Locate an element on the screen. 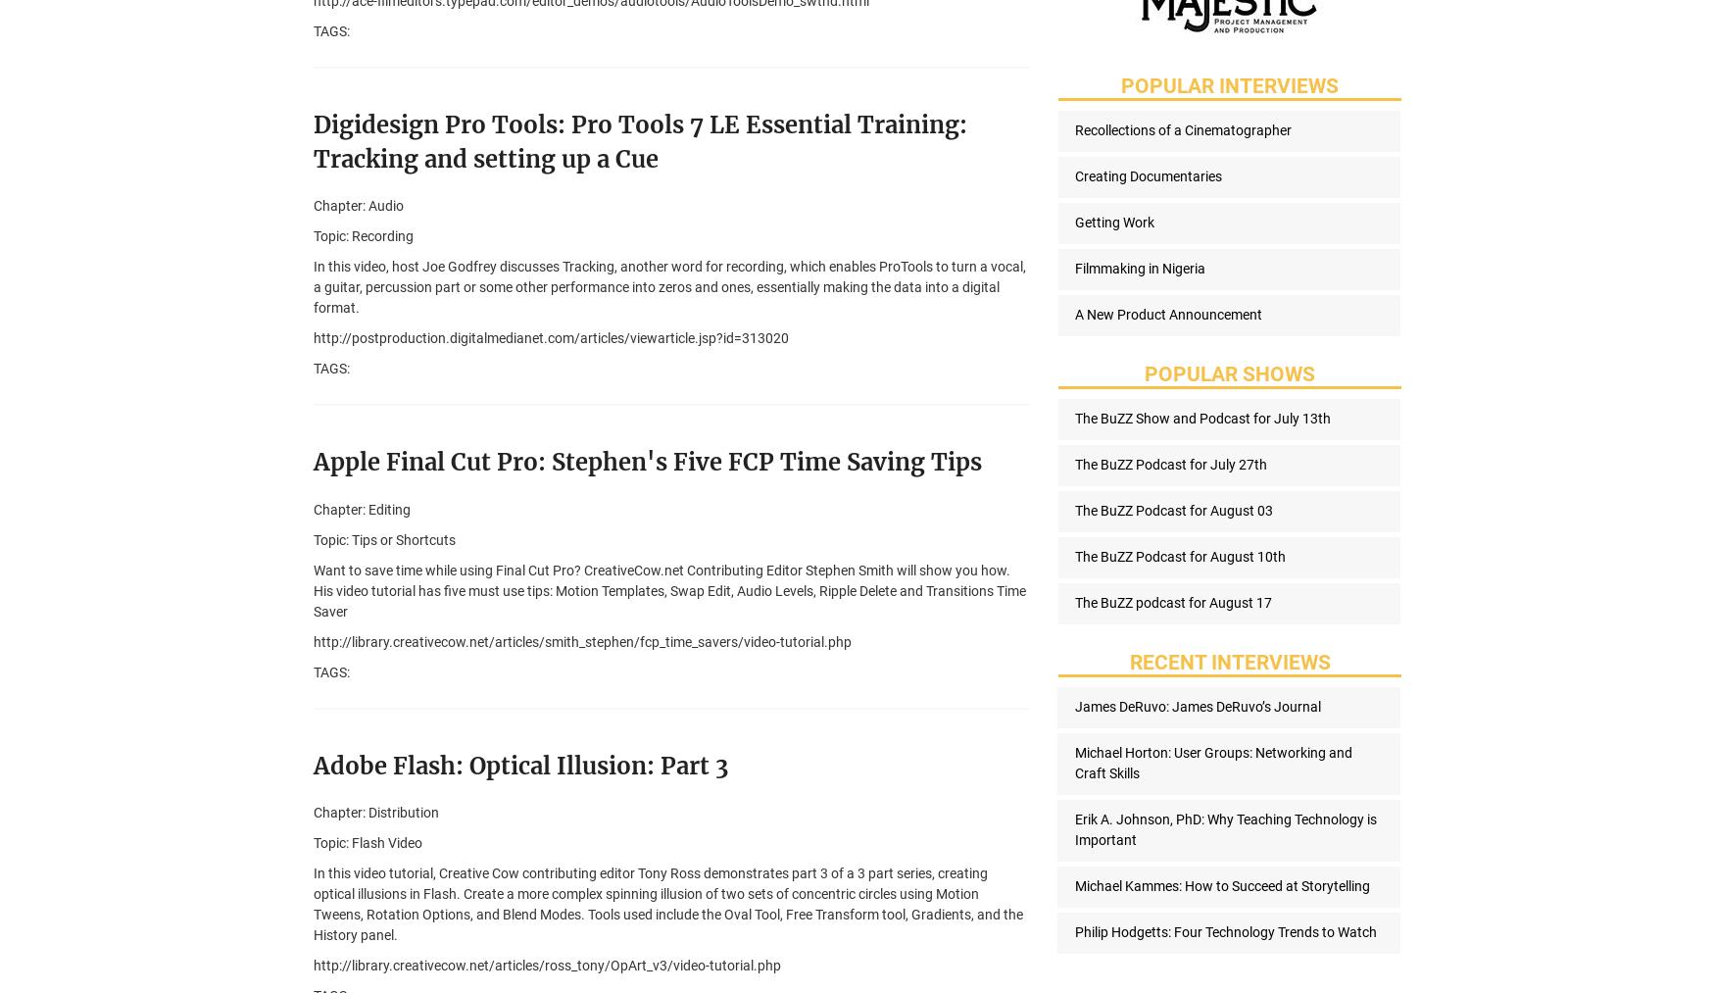  'http://postproduction.digitalmedianet.com/articles/viewarticle.jsp?id=313020' is located at coordinates (550, 338).